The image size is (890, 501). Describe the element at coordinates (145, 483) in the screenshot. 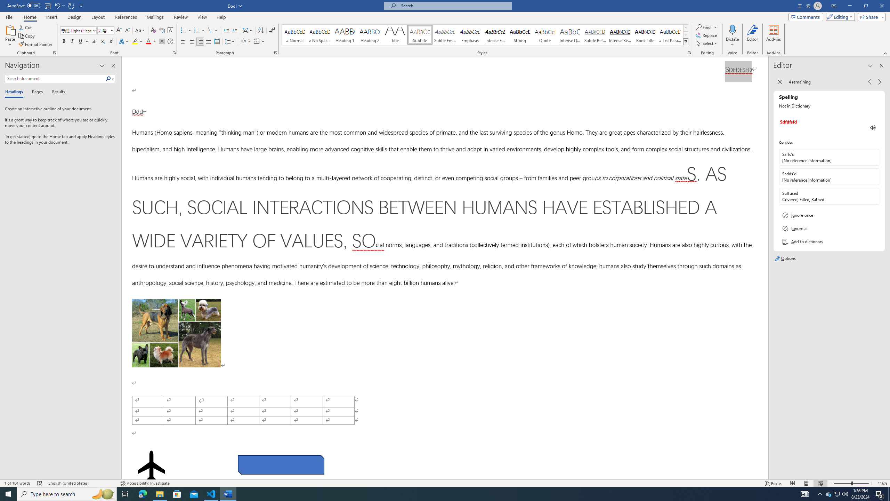

I see `'Accessibility Checker Accessibility: Investigate'` at that location.